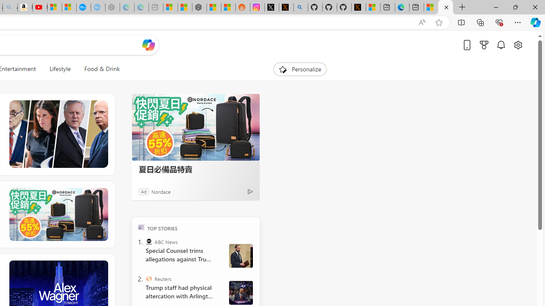  Describe the element at coordinates (300, 69) in the screenshot. I see `'Personalize'` at that location.